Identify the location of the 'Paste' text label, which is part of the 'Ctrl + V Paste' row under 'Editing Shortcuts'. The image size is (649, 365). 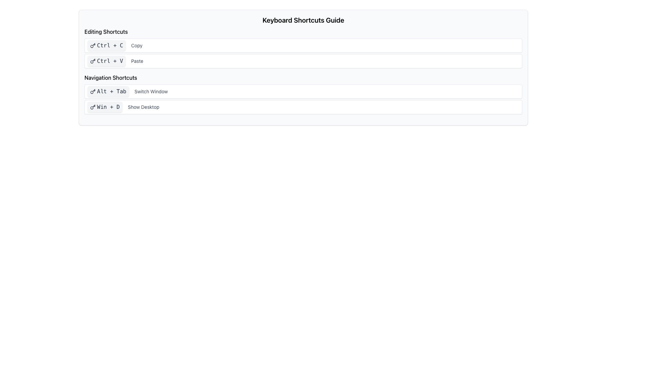
(137, 61).